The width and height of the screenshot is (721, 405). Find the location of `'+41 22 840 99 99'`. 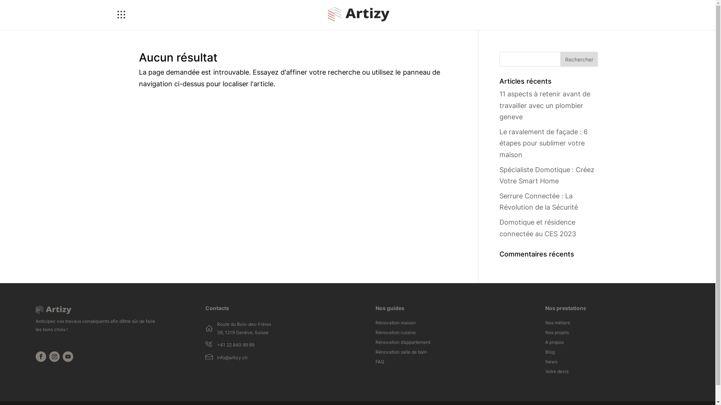

'+41 22 840 99 99' is located at coordinates (216, 345).